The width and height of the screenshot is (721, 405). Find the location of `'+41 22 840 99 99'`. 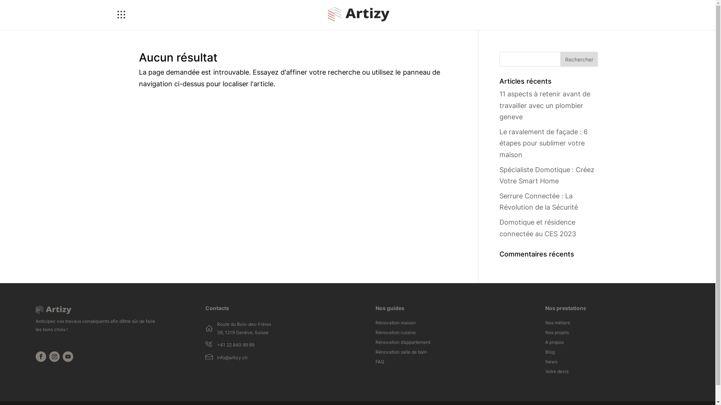

'+41 22 840 99 99' is located at coordinates (216, 345).